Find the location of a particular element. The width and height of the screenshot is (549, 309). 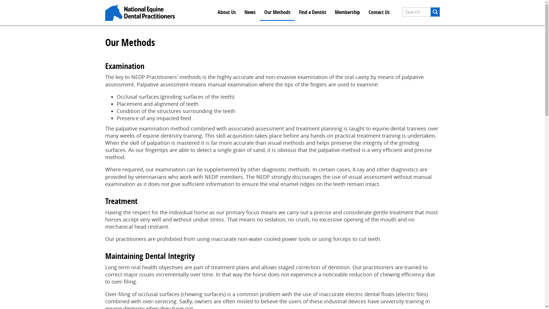

'Membership' is located at coordinates (347, 12).